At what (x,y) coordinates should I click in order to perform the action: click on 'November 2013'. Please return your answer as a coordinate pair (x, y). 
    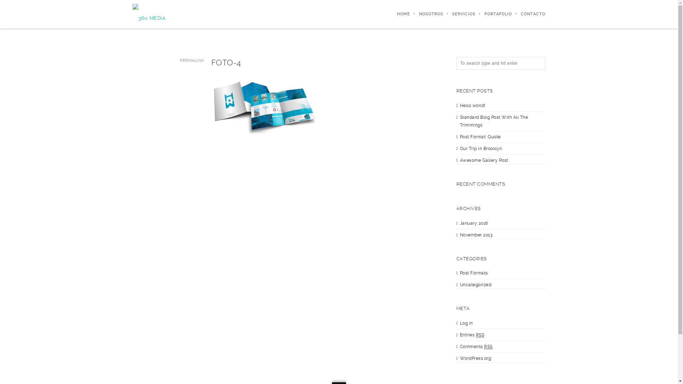
    Looking at the image, I should click on (459, 235).